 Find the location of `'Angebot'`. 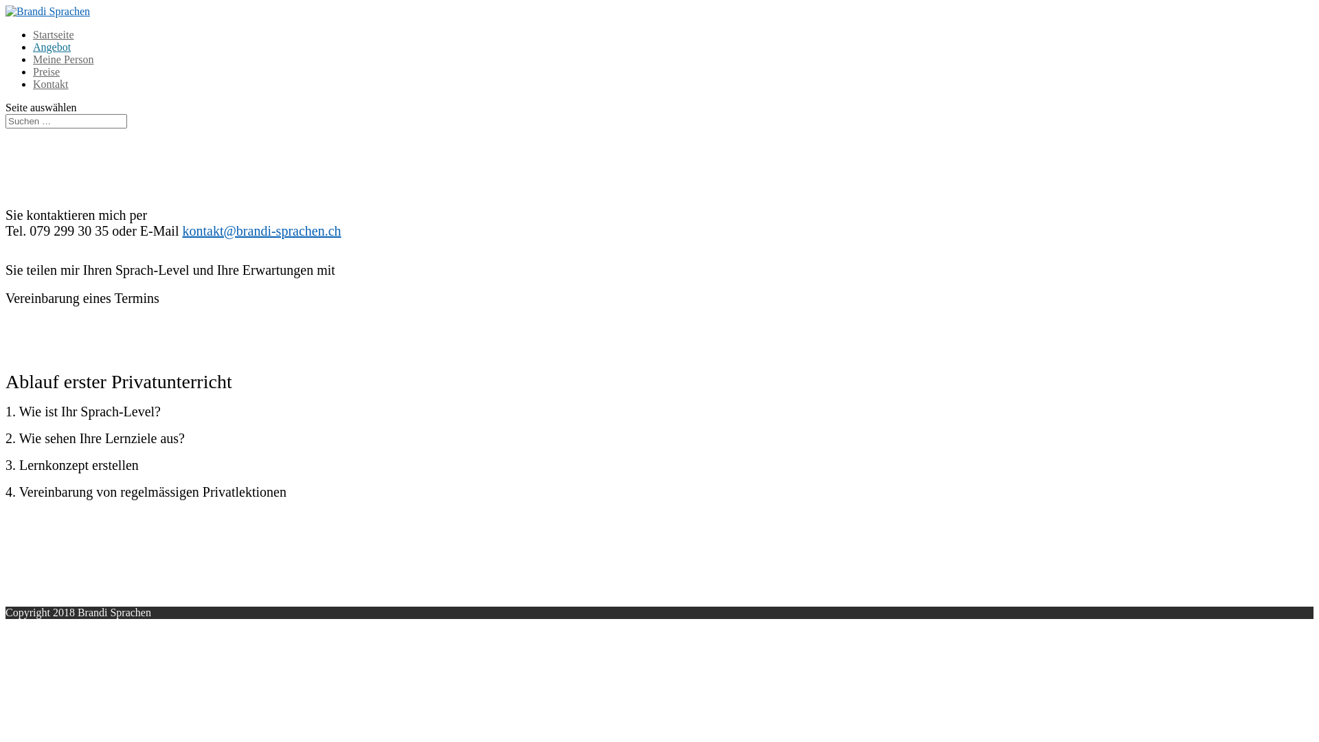

'Angebot' is located at coordinates (52, 46).